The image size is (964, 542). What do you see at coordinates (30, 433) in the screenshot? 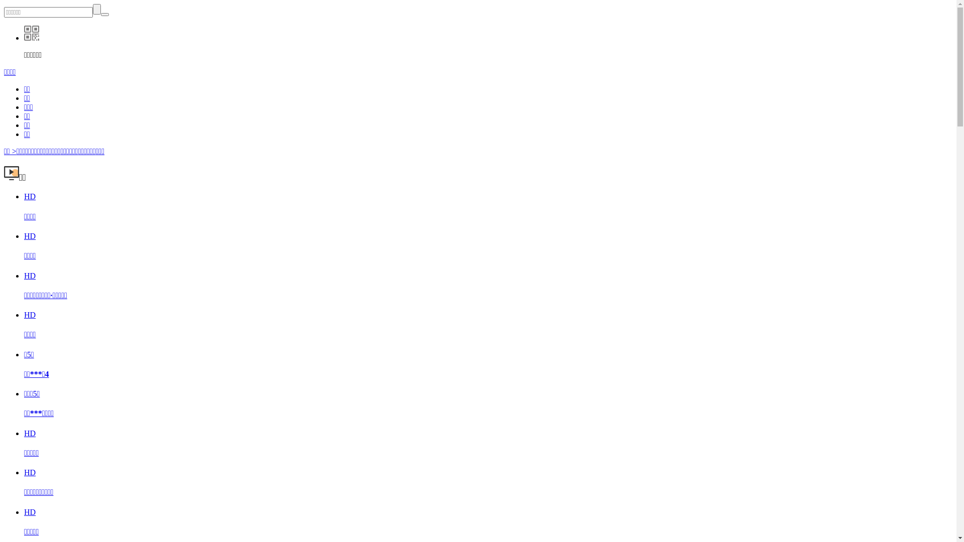
I see `'HD'` at bounding box center [30, 433].